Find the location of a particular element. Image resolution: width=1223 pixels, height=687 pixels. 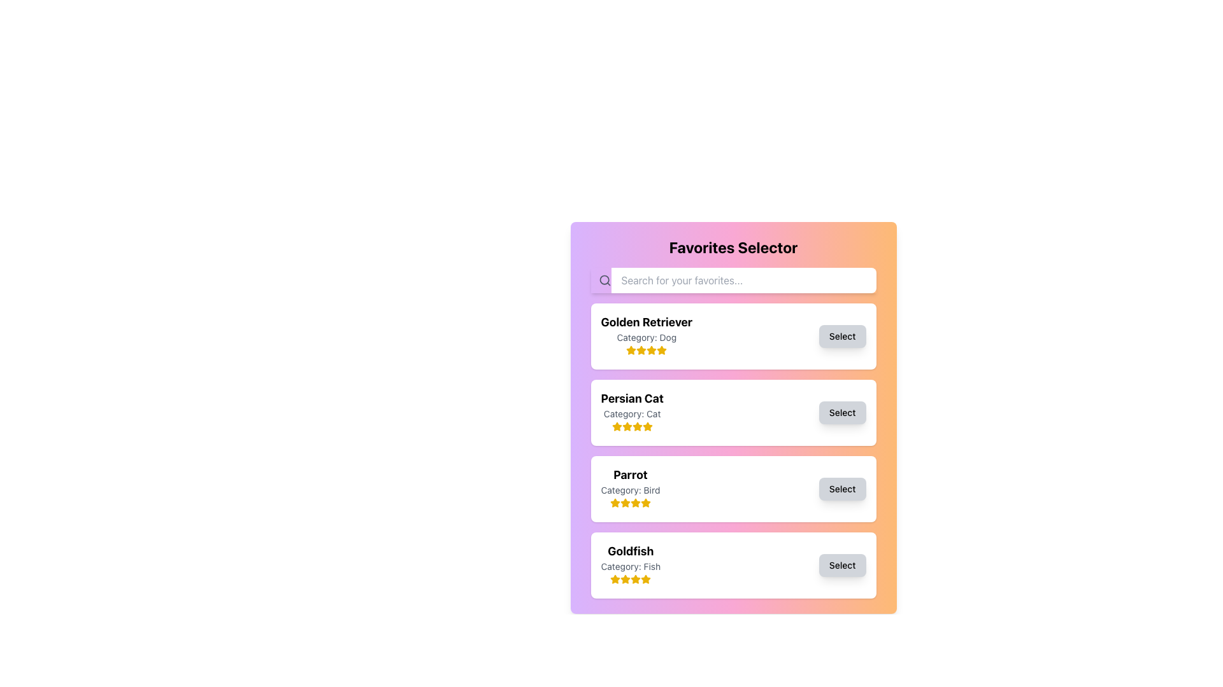

the fifth rating star for the item labeled 'Golden Retriever' located in the first row of the items list is located at coordinates (662, 350).